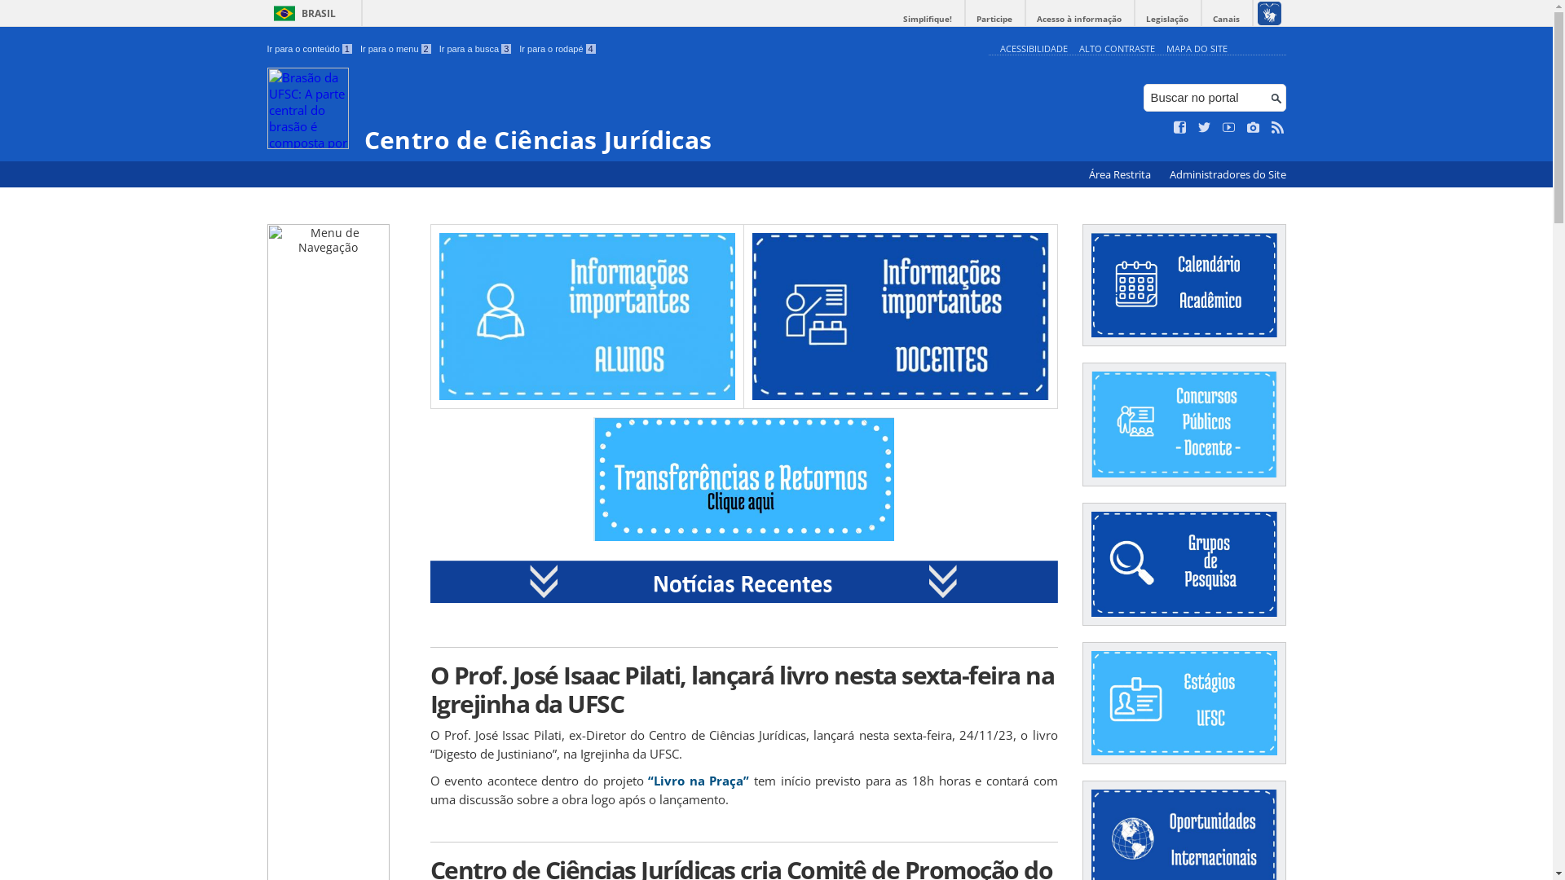  What do you see at coordinates (965, 19) in the screenshot?
I see `'Participe'` at bounding box center [965, 19].